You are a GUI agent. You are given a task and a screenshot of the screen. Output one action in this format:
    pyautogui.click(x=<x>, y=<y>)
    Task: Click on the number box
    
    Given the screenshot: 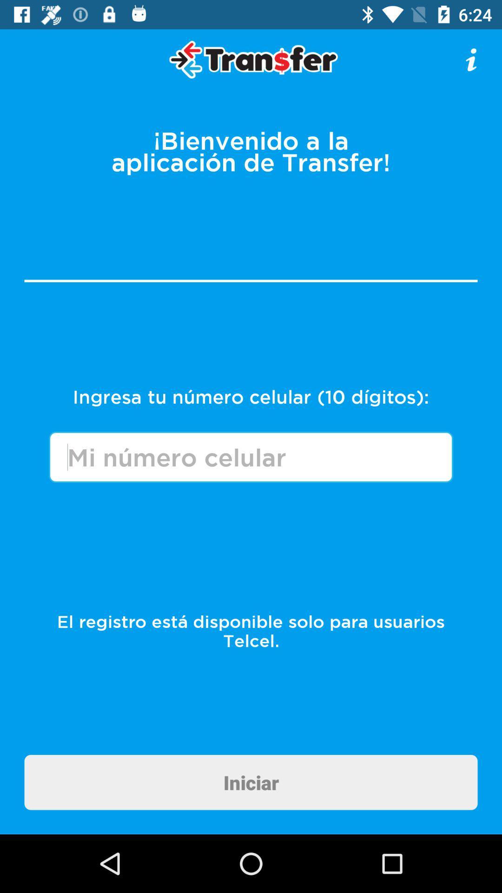 What is the action you would take?
    pyautogui.click(x=251, y=457)
    